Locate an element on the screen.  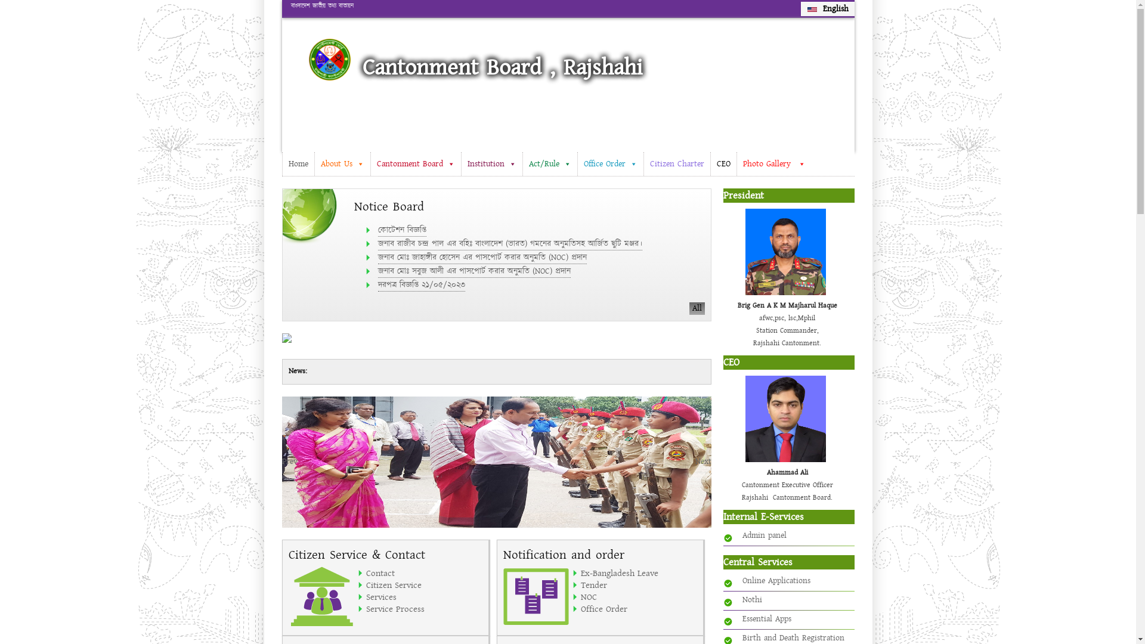
'Institution' is located at coordinates (460, 163).